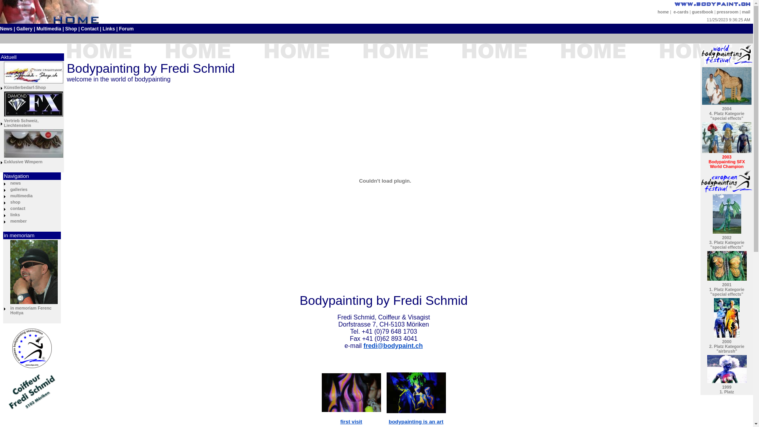 The height and width of the screenshot is (427, 759). What do you see at coordinates (717, 12) in the screenshot?
I see `'pressroom'` at bounding box center [717, 12].